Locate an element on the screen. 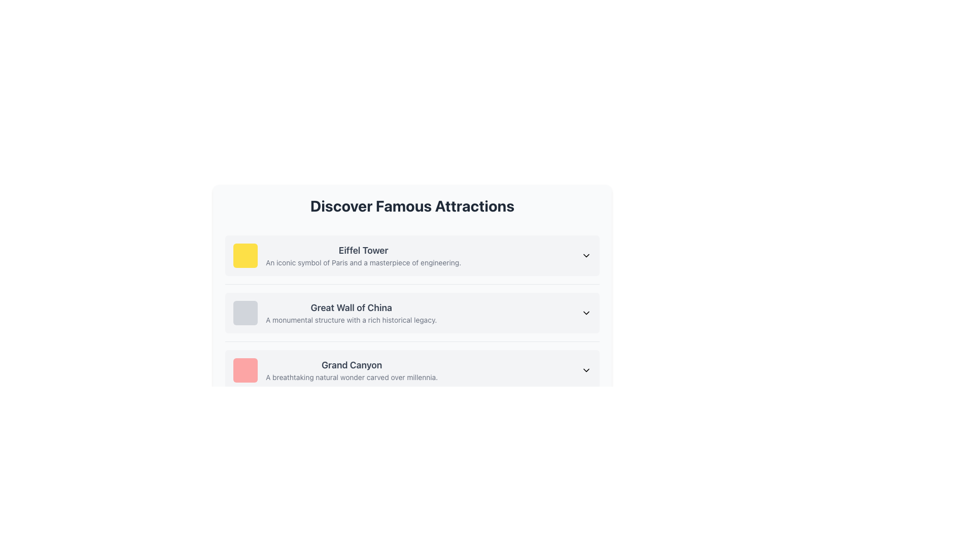  the decorative component that visually marks the 'Grand Canyon' list item, located on the far-left side of its row is located at coordinates (246, 370).